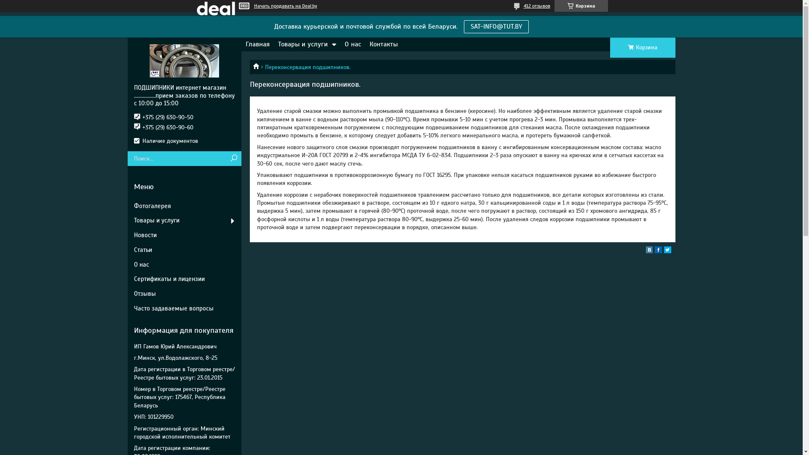  What do you see at coordinates (496, 26) in the screenshot?
I see `'SAT-INFO@TUT.BY'` at bounding box center [496, 26].